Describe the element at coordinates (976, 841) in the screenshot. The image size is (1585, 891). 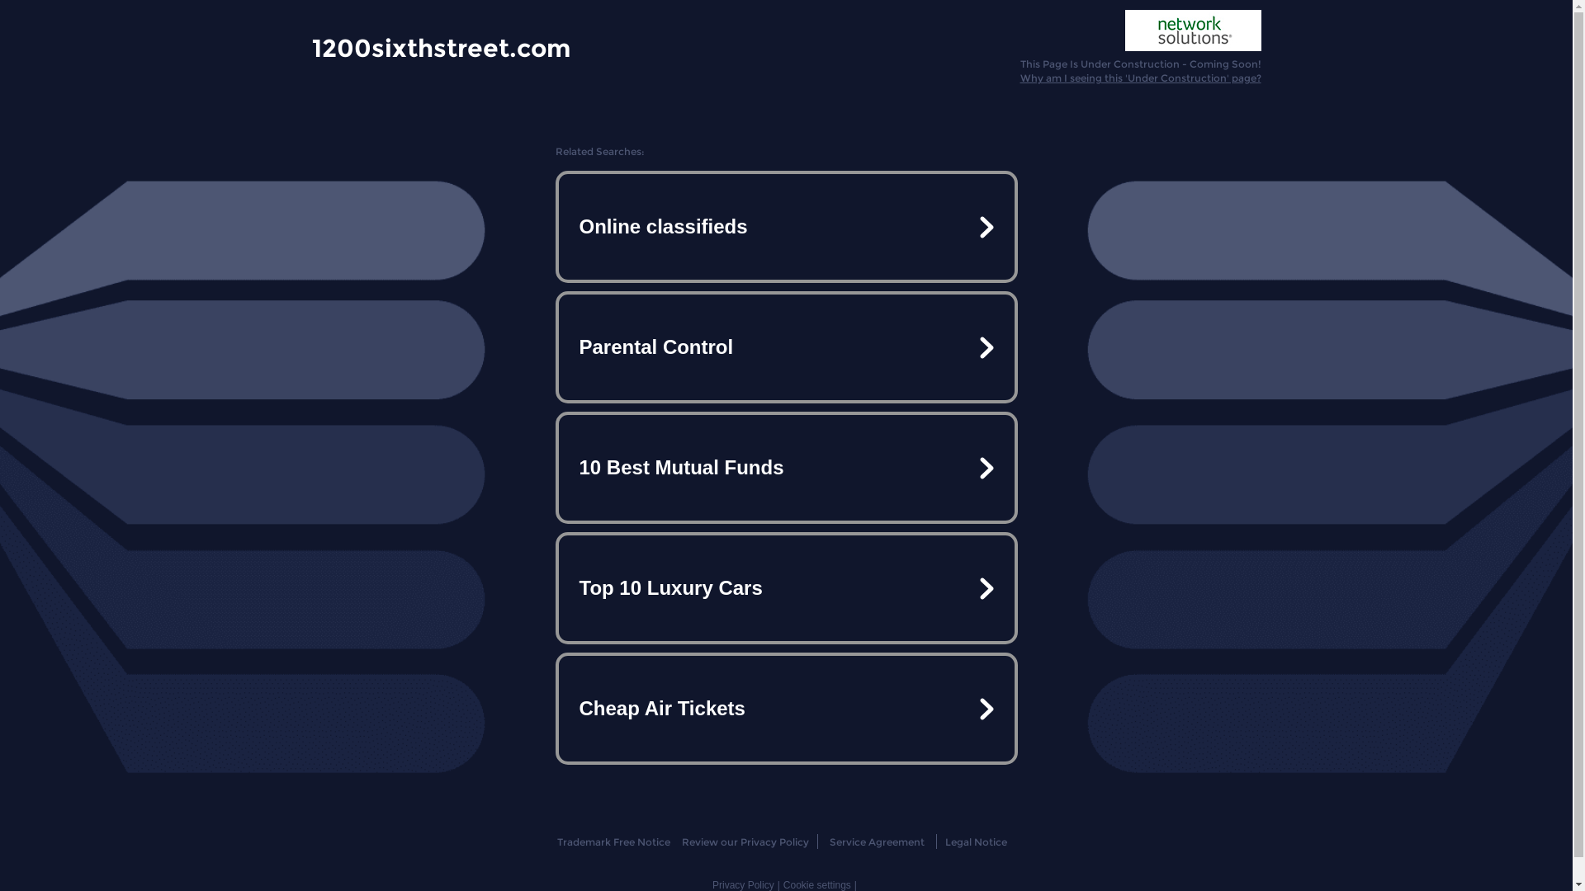
I see `'Legal Notice'` at that location.